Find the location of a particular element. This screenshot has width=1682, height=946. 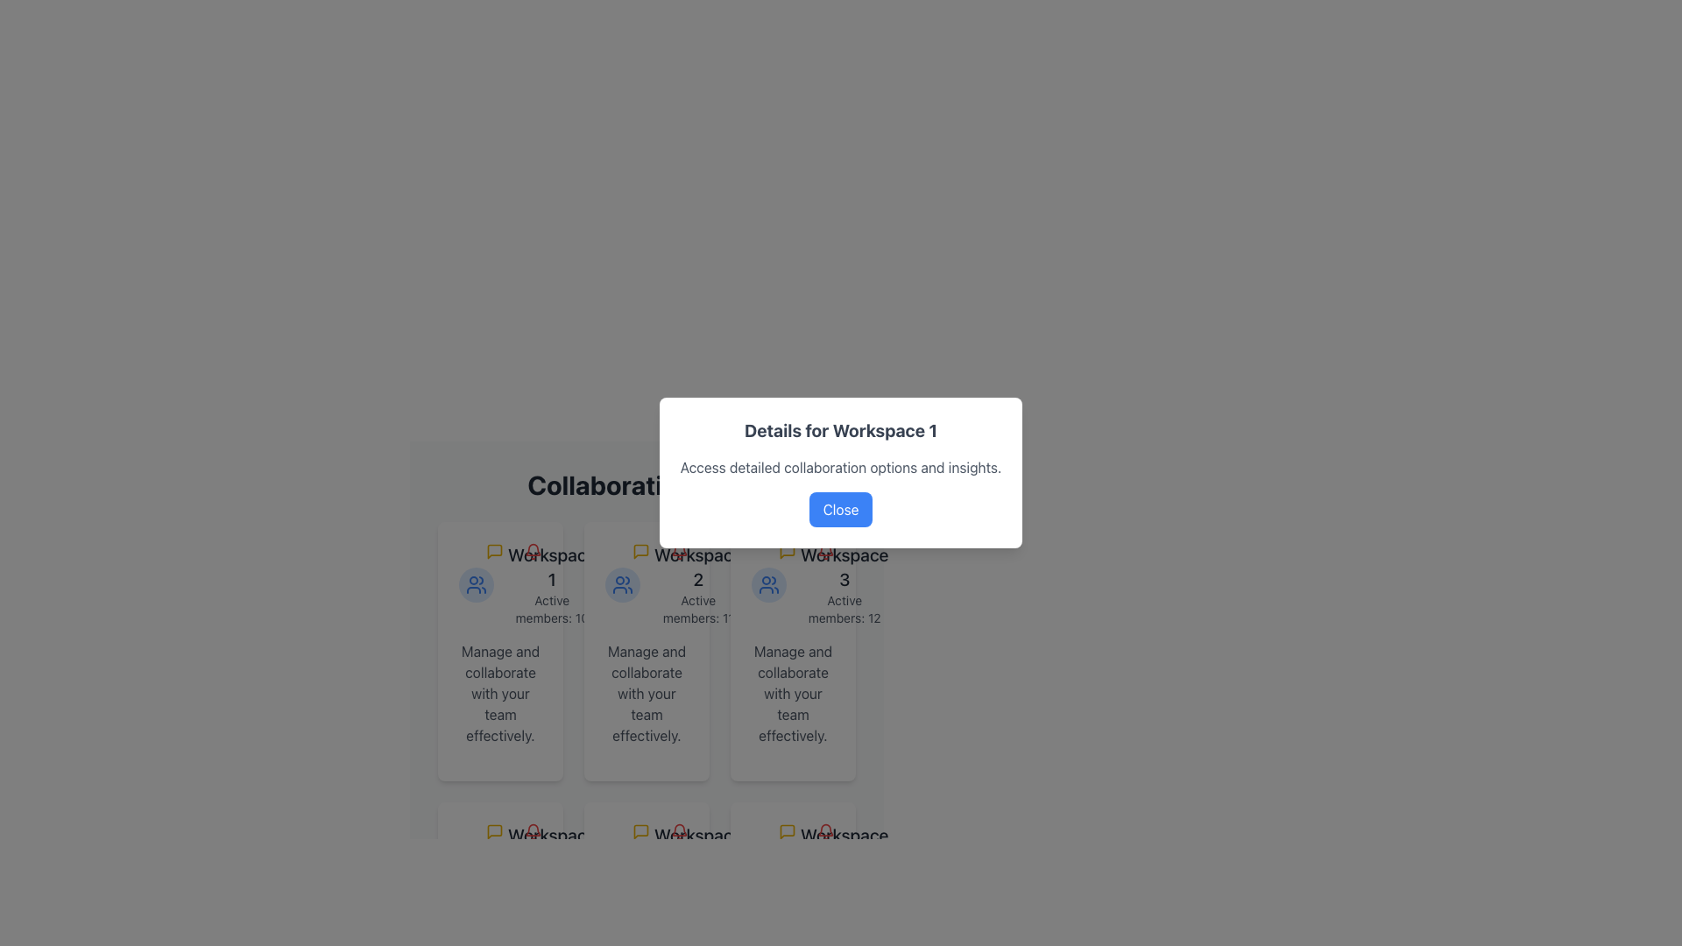

the communication icon located in the middle slot of the bottom row of workspace cards is located at coordinates (640, 830).